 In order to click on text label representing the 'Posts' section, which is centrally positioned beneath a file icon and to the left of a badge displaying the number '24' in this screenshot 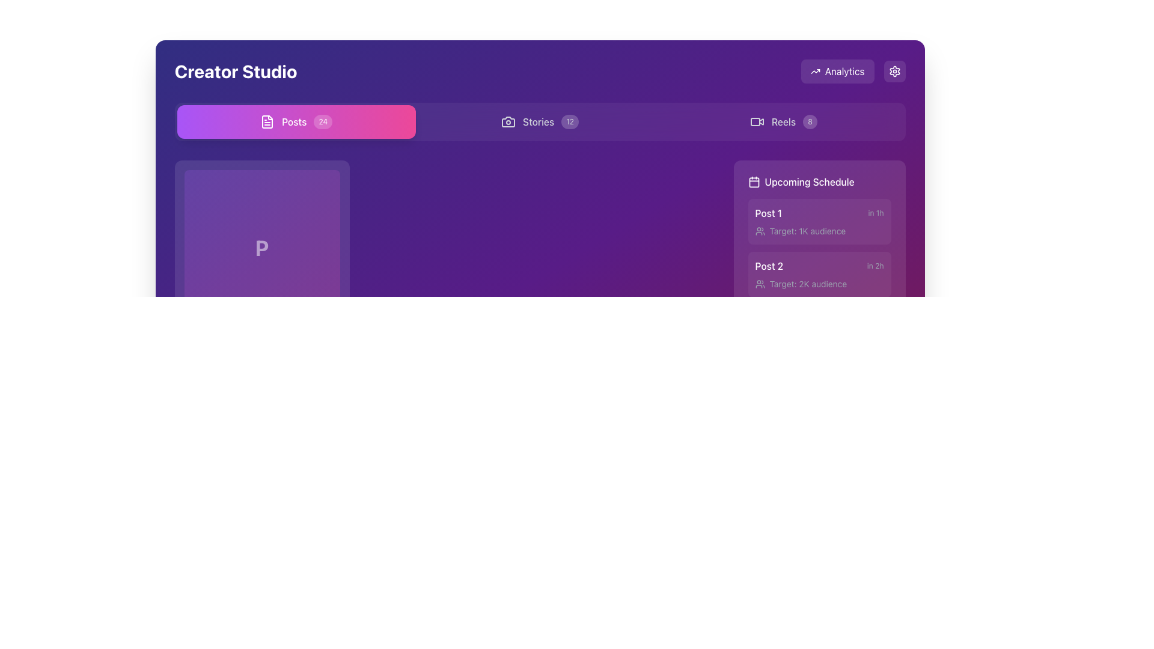, I will do `click(294, 122)`.